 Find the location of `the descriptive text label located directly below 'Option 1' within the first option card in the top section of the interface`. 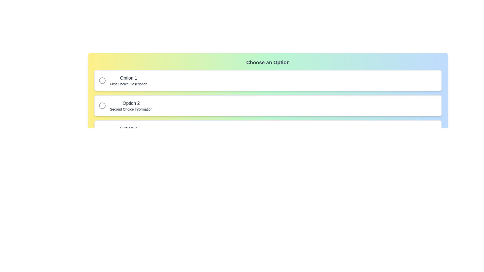

the descriptive text label located directly below 'Option 1' within the first option card in the top section of the interface is located at coordinates (129, 84).